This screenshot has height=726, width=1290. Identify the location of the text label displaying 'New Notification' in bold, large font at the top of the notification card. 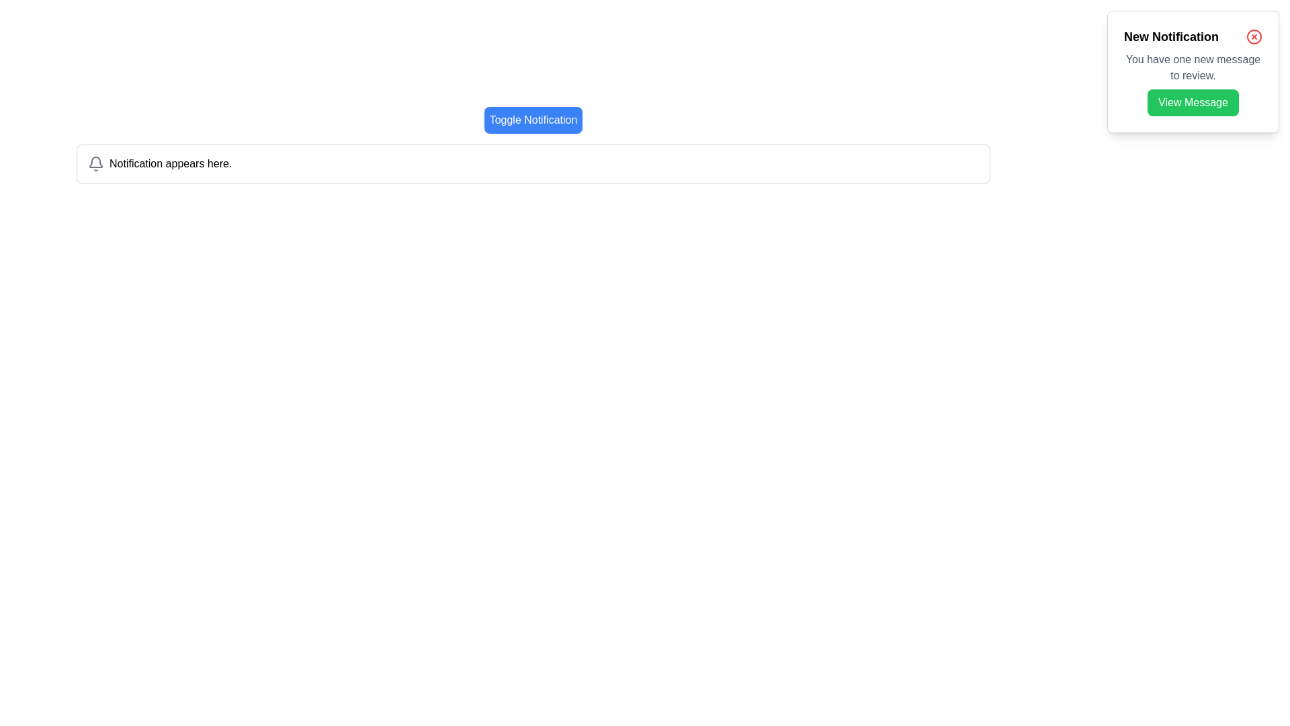
(1170, 36).